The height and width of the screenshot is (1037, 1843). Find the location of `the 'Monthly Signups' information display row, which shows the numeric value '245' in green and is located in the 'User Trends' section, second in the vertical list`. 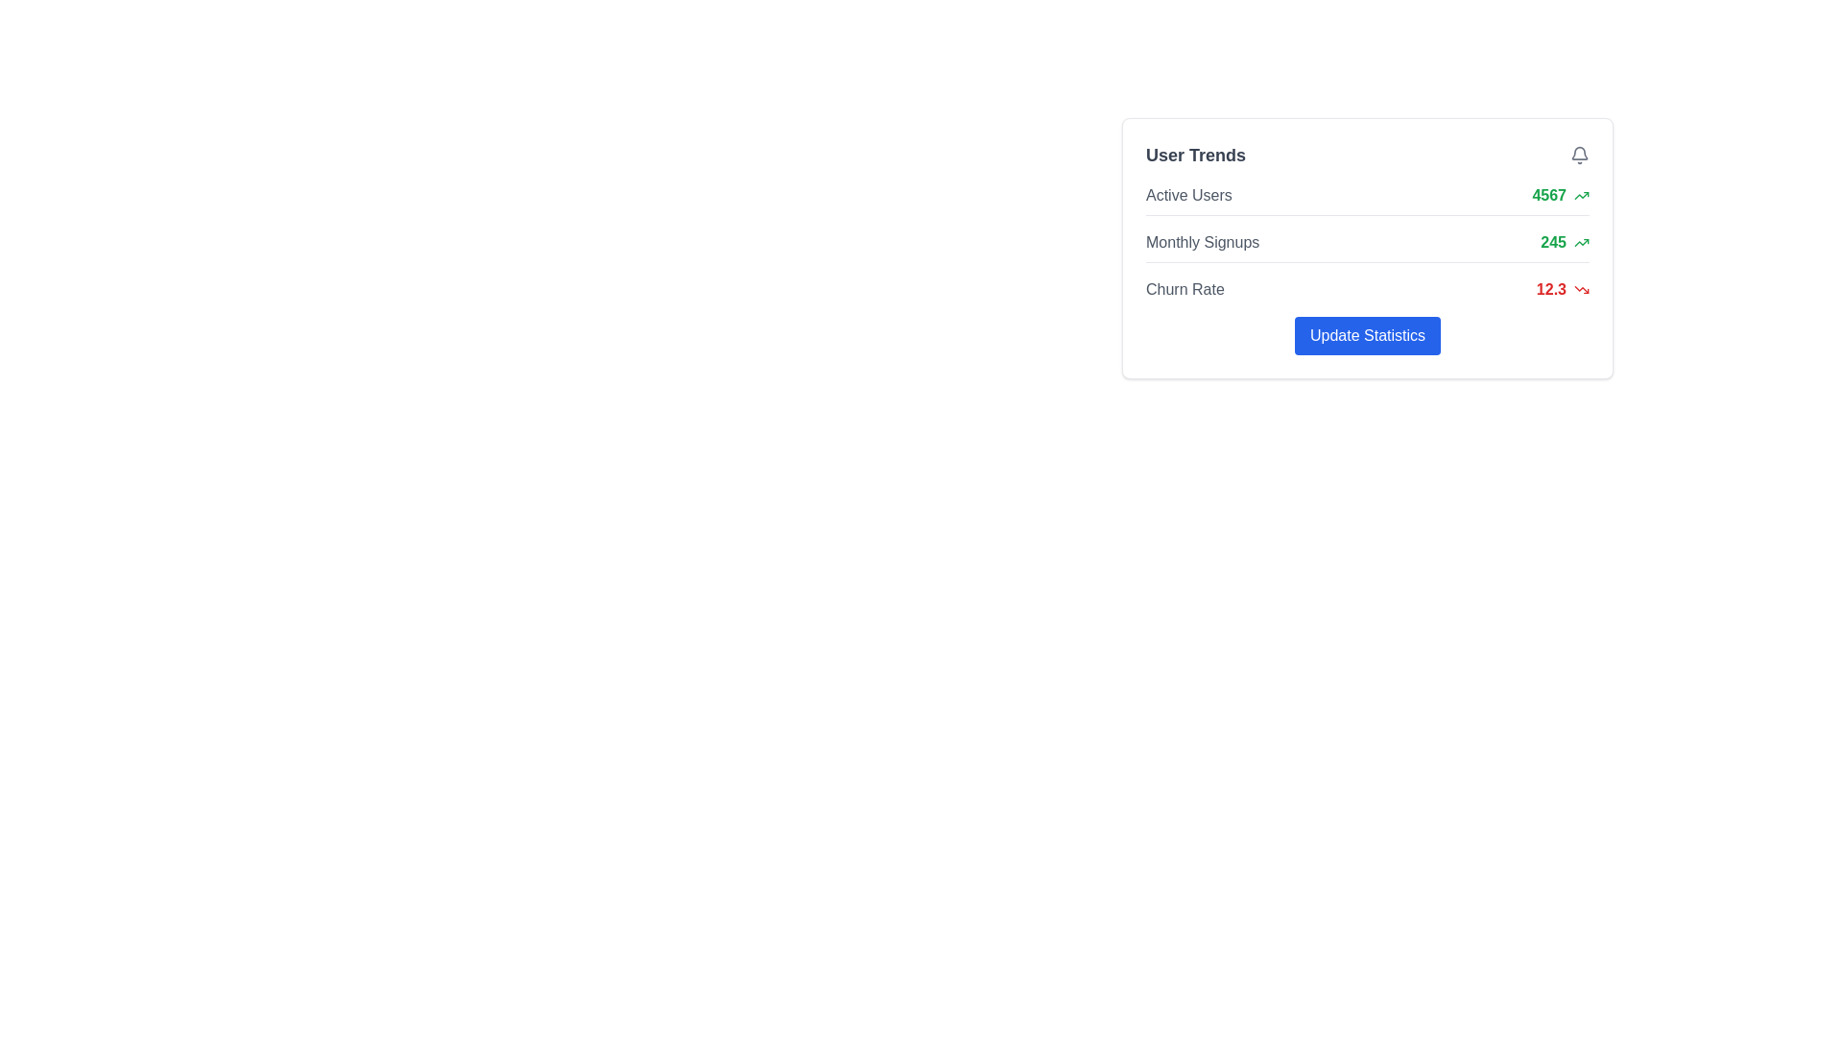

the 'Monthly Signups' information display row, which shows the numeric value '245' in green and is located in the 'User Trends' section, second in the vertical list is located at coordinates (1367, 246).